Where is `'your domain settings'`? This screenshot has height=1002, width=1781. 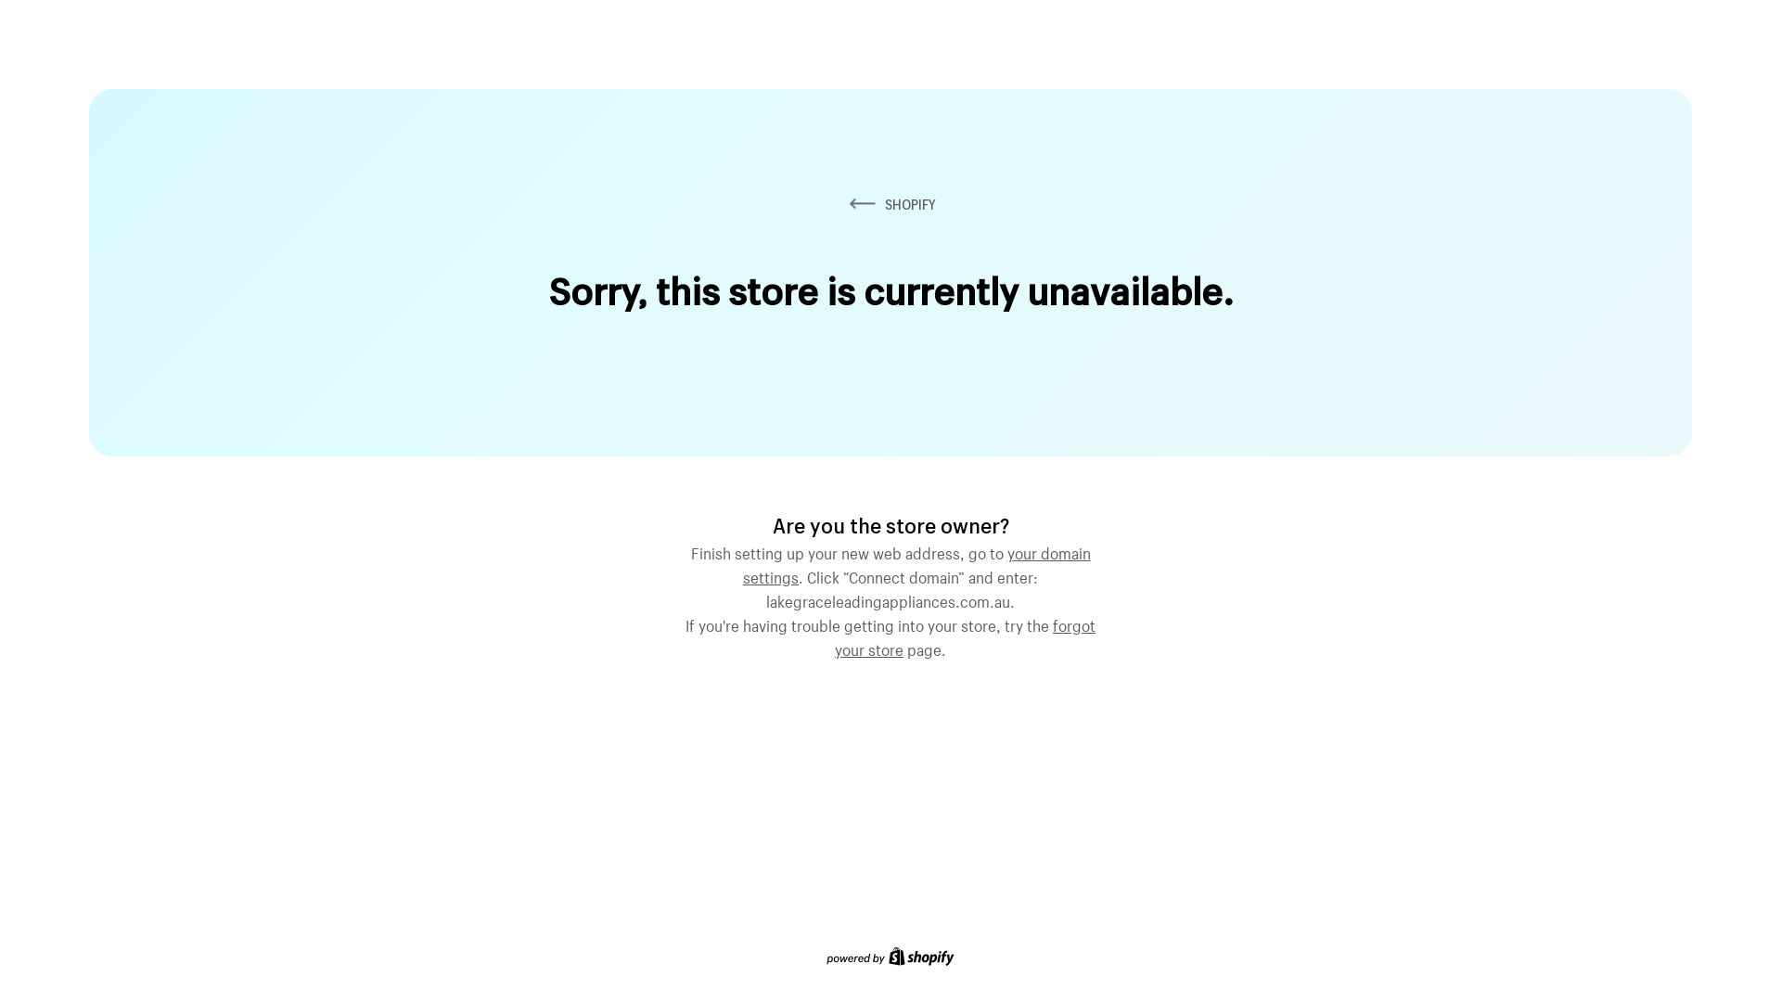
'your domain settings' is located at coordinates (916, 561).